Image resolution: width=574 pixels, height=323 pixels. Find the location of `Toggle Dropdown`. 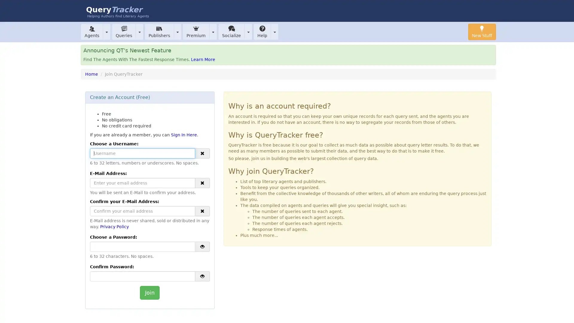

Toggle Dropdown is located at coordinates (177, 32).